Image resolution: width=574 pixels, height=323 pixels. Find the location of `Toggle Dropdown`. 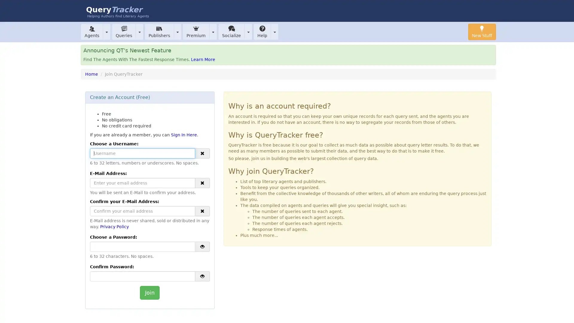

Toggle Dropdown is located at coordinates (177, 32).